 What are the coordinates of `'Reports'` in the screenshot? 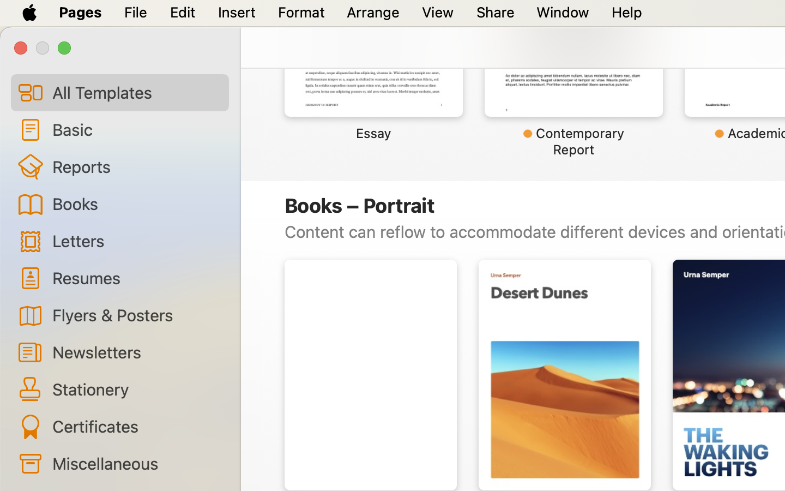 It's located at (135, 166).